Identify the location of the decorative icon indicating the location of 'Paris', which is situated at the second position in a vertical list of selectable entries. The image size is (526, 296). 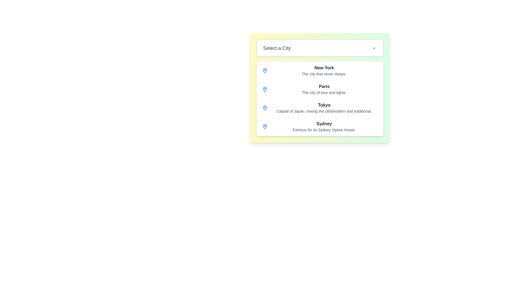
(265, 89).